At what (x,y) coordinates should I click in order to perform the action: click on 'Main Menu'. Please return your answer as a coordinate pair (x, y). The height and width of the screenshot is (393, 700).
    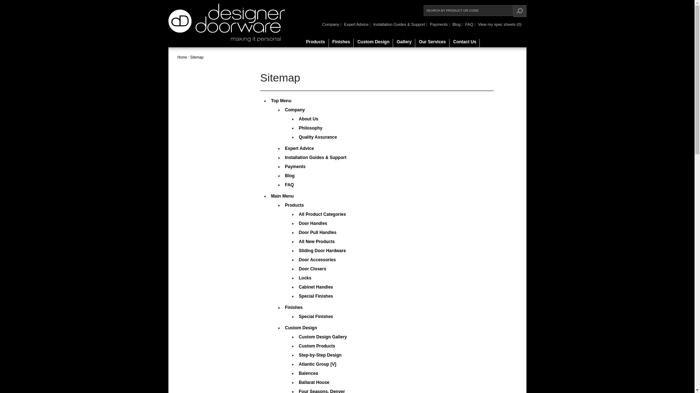
    Looking at the image, I should click on (282, 196).